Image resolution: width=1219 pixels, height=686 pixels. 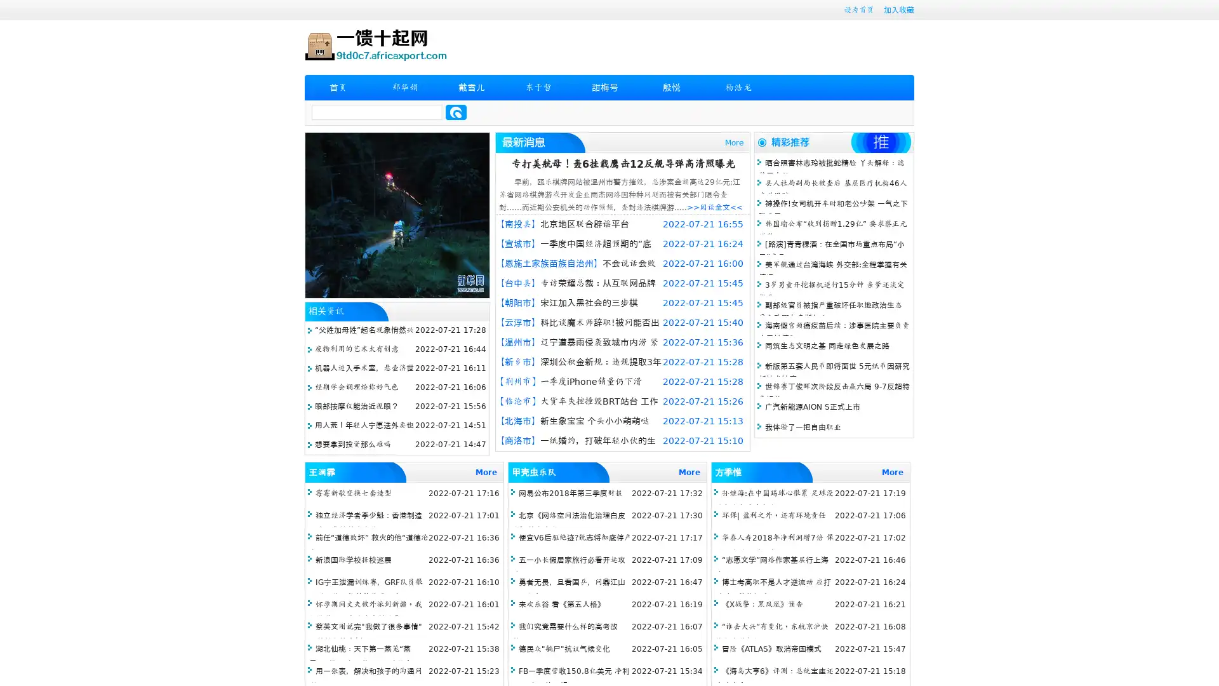 I want to click on Search, so click(x=456, y=112).